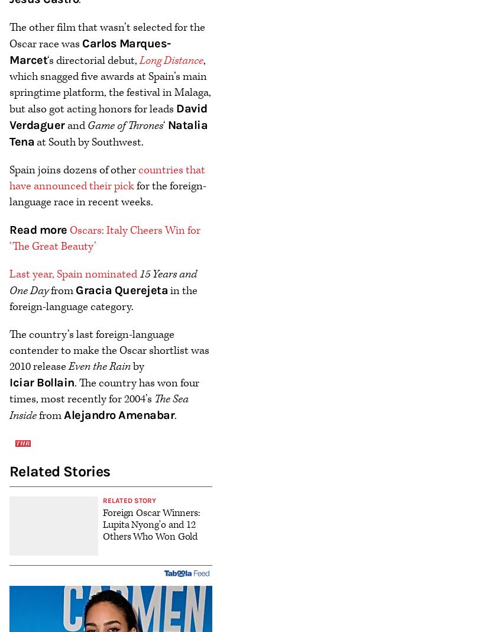 The image size is (502, 632). What do you see at coordinates (124, 125) in the screenshot?
I see `'Game of Thrones'` at bounding box center [124, 125].